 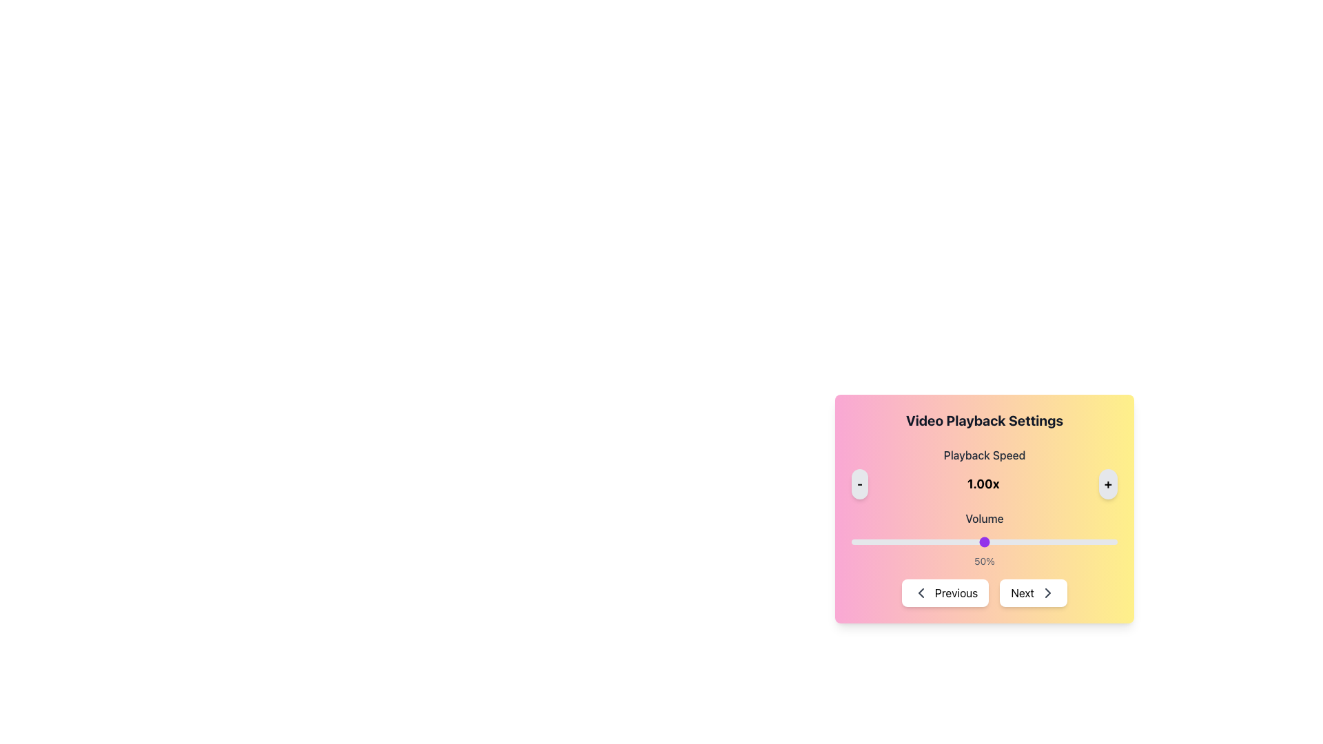 I want to click on the volume, so click(x=915, y=541).